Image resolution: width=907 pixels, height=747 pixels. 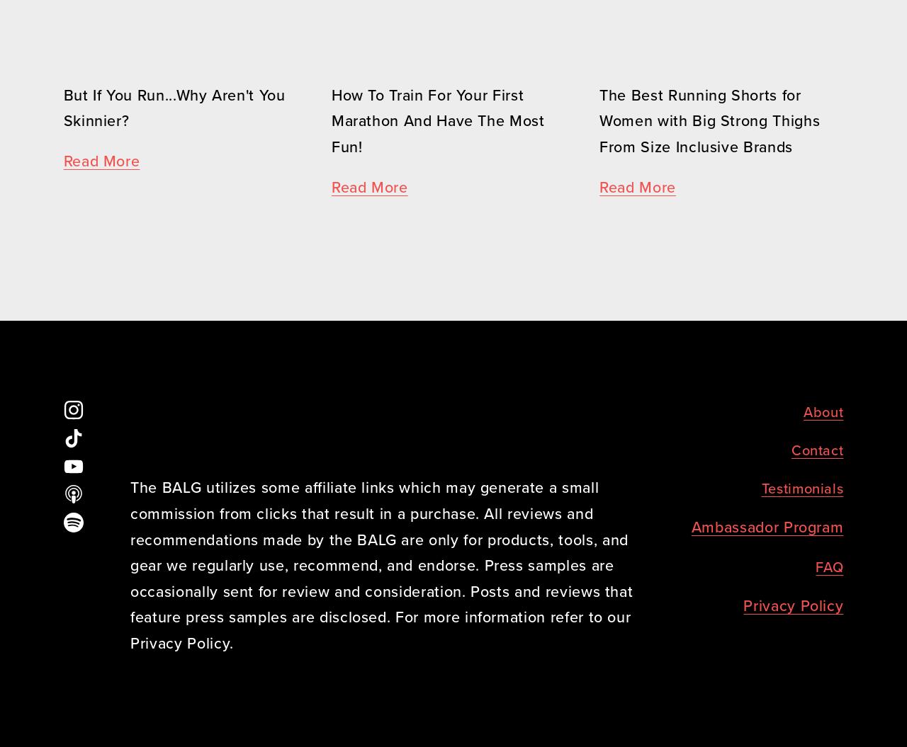 I want to click on 'But If You Run...Why Aren't You Skinnier?', so click(x=175, y=108).